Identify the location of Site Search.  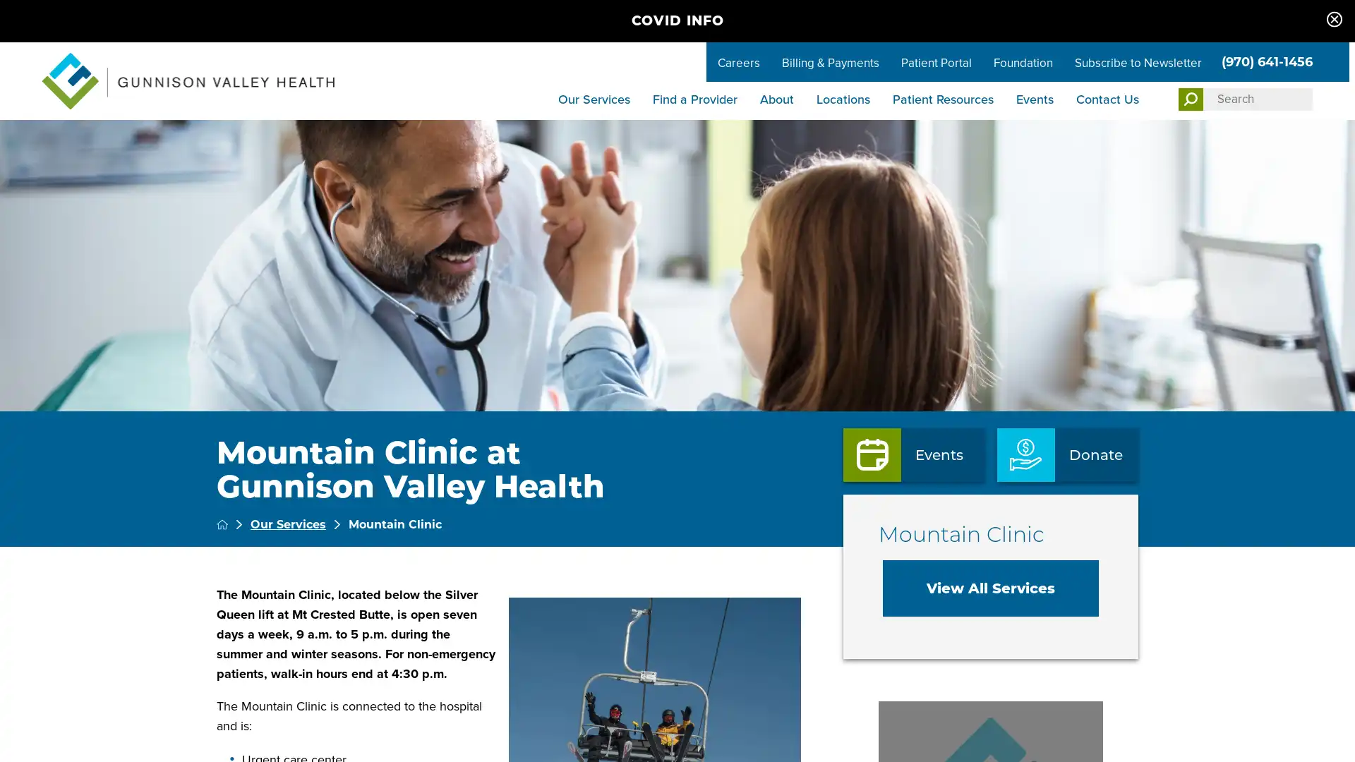
(1190, 97).